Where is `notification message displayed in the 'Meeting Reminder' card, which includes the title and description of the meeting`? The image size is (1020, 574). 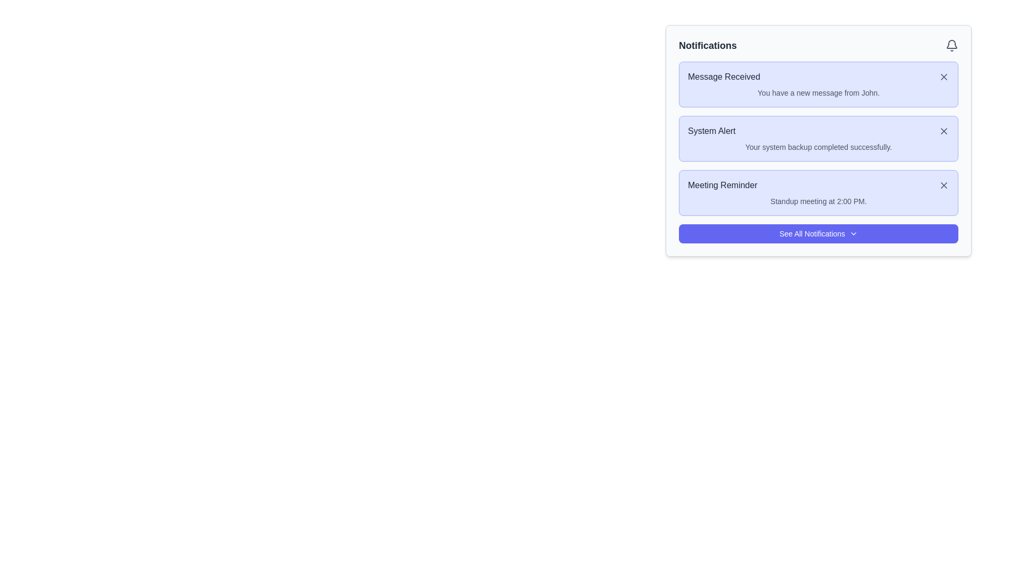 notification message displayed in the 'Meeting Reminder' card, which includes the title and description of the meeting is located at coordinates (818, 192).